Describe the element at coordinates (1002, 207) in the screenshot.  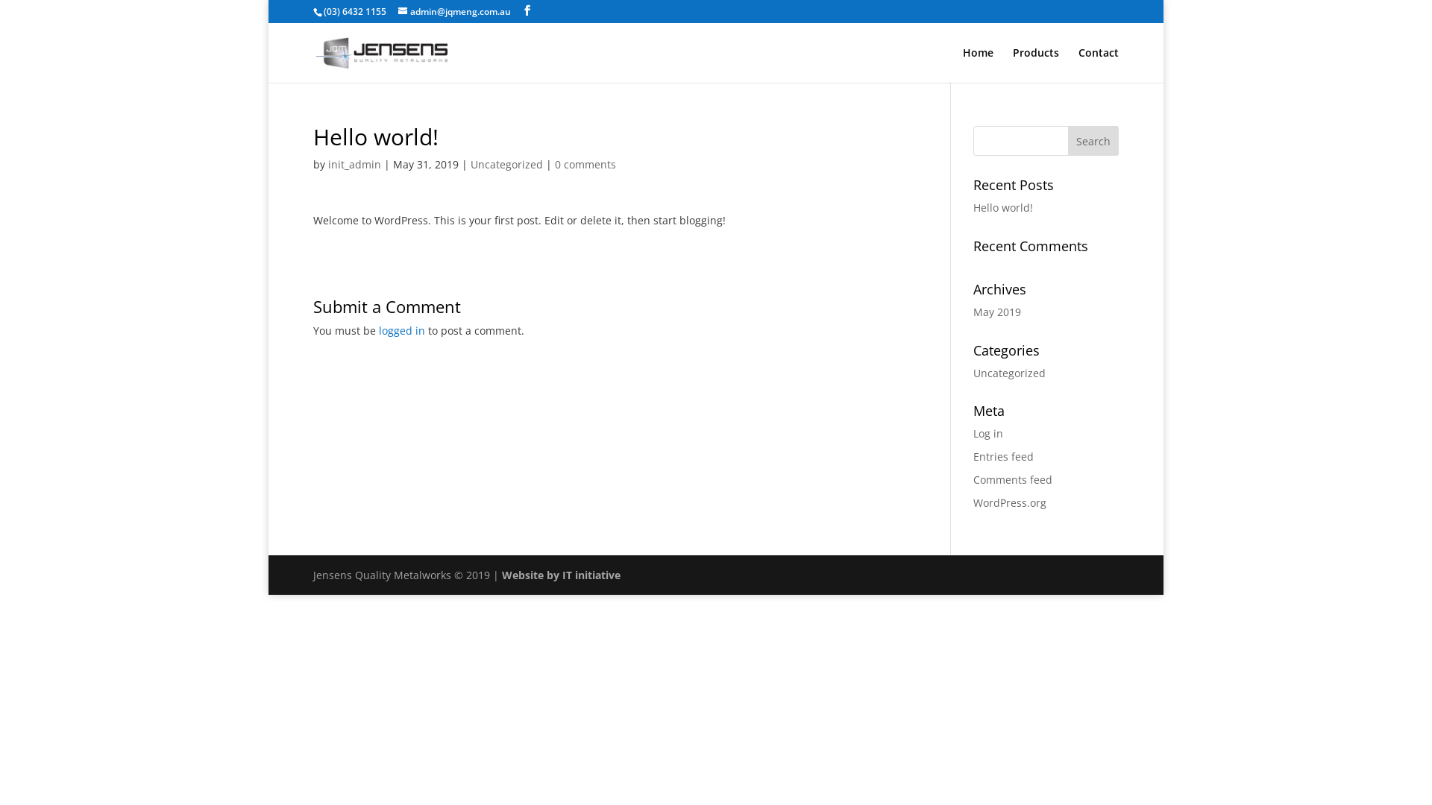
I see `'Hello world!'` at that location.